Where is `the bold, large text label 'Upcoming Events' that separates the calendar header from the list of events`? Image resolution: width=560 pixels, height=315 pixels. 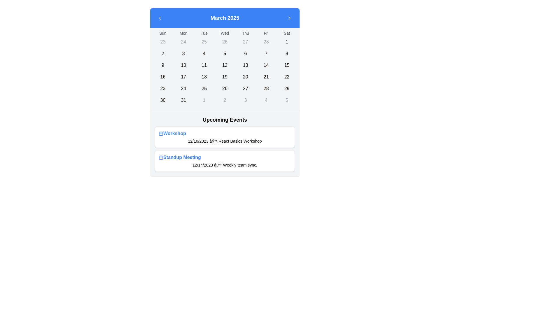
the bold, large text label 'Upcoming Events' that separates the calendar header from the list of events is located at coordinates (225, 120).